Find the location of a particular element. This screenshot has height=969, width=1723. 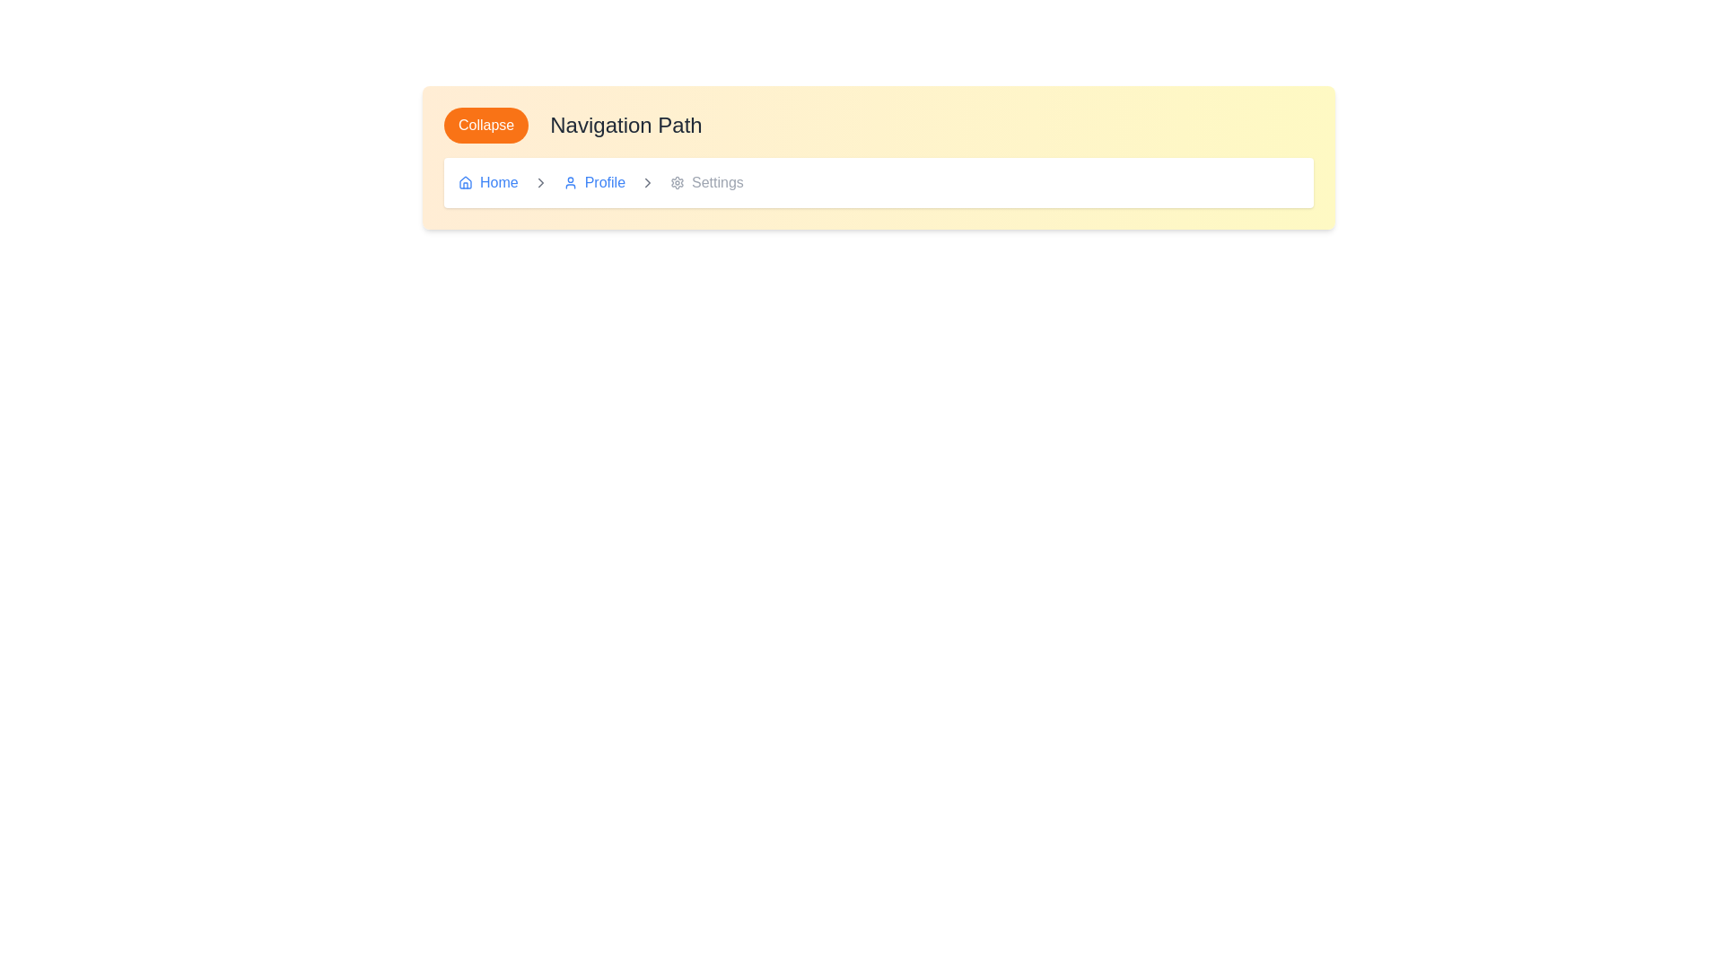

the blue house-shaped SVG icon located to the left of the 'Home' text in the navigation bar at the top of the interface is located at coordinates (465, 183).